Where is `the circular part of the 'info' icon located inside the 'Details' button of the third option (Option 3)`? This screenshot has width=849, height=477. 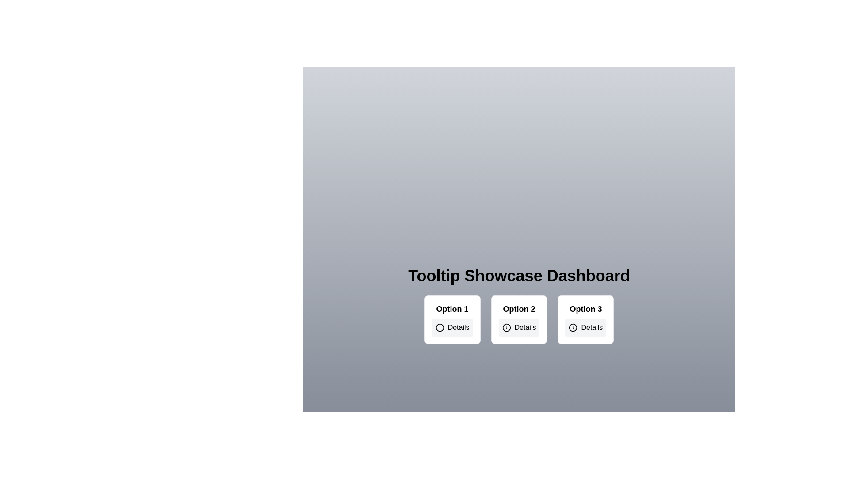 the circular part of the 'info' icon located inside the 'Details' button of the third option (Option 3) is located at coordinates (573, 327).